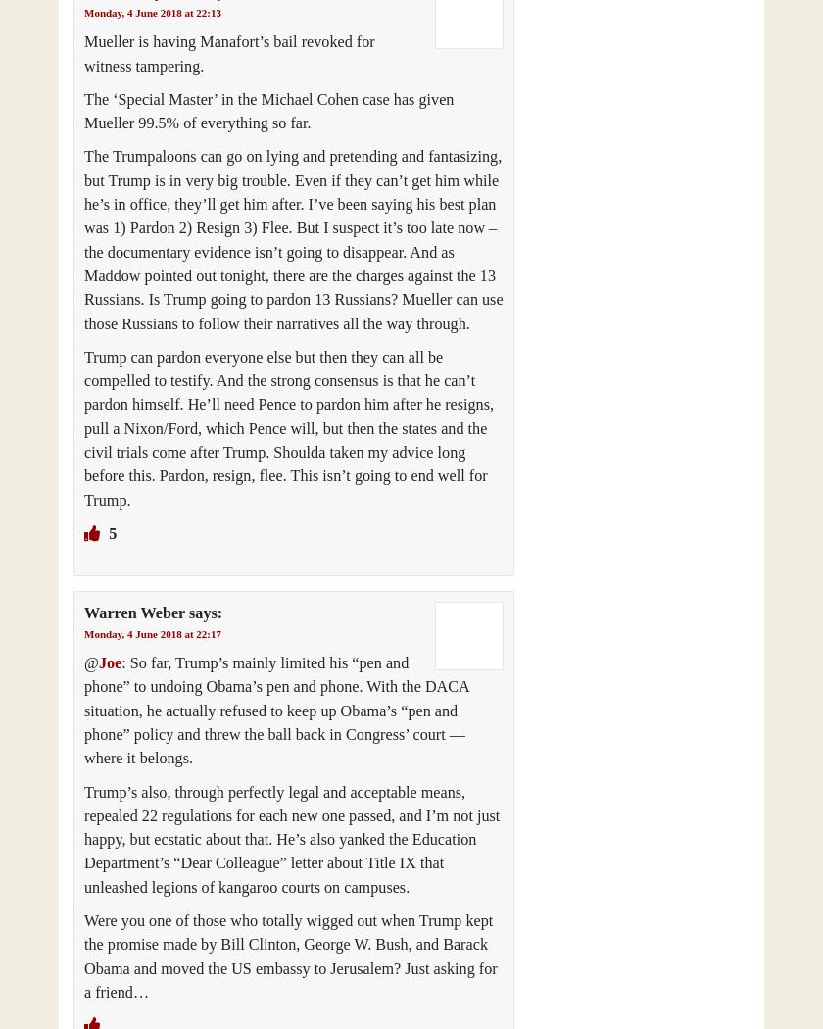 This screenshot has width=823, height=1029. What do you see at coordinates (111, 533) in the screenshot?
I see `'5'` at bounding box center [111, 533].